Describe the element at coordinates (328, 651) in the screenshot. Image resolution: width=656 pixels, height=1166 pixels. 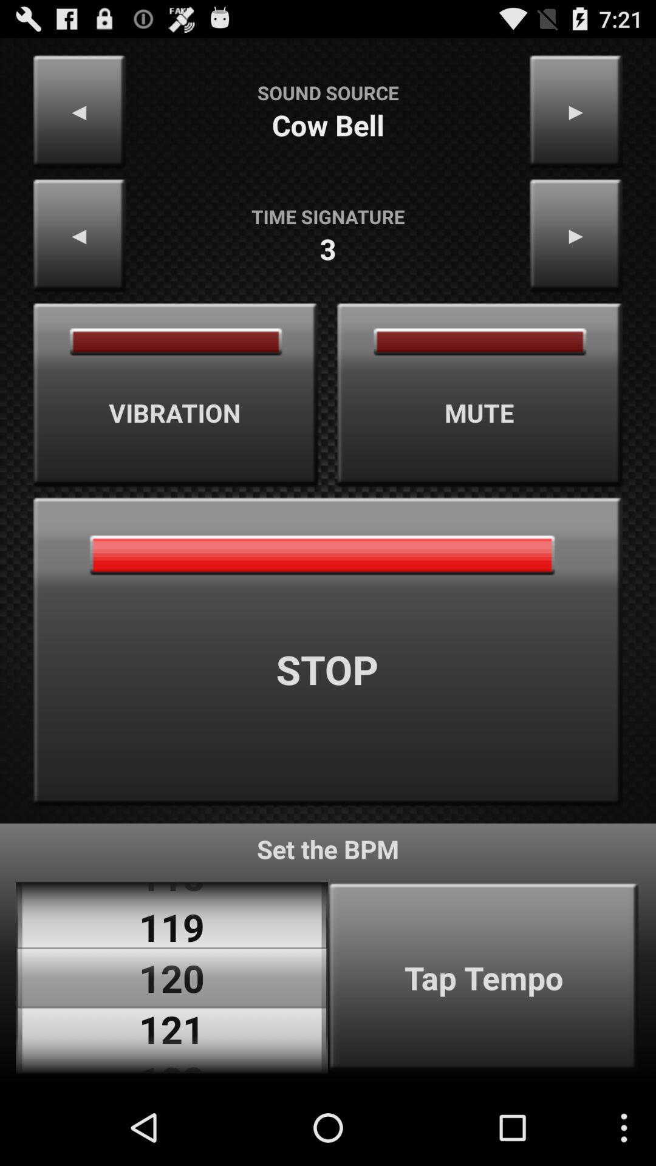
I see `the item below the vibration` at that location.